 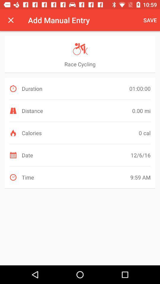 What do you see at coordinates (150, 20) in the screenshot?
I see `icon next to add manual entry item` at bounding box center [150, 20].